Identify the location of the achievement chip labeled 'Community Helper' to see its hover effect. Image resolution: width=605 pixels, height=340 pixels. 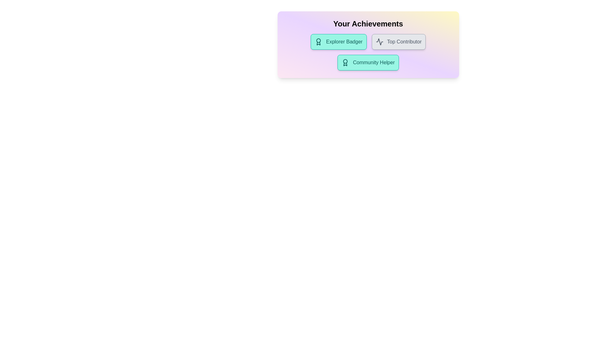
(368, 63).